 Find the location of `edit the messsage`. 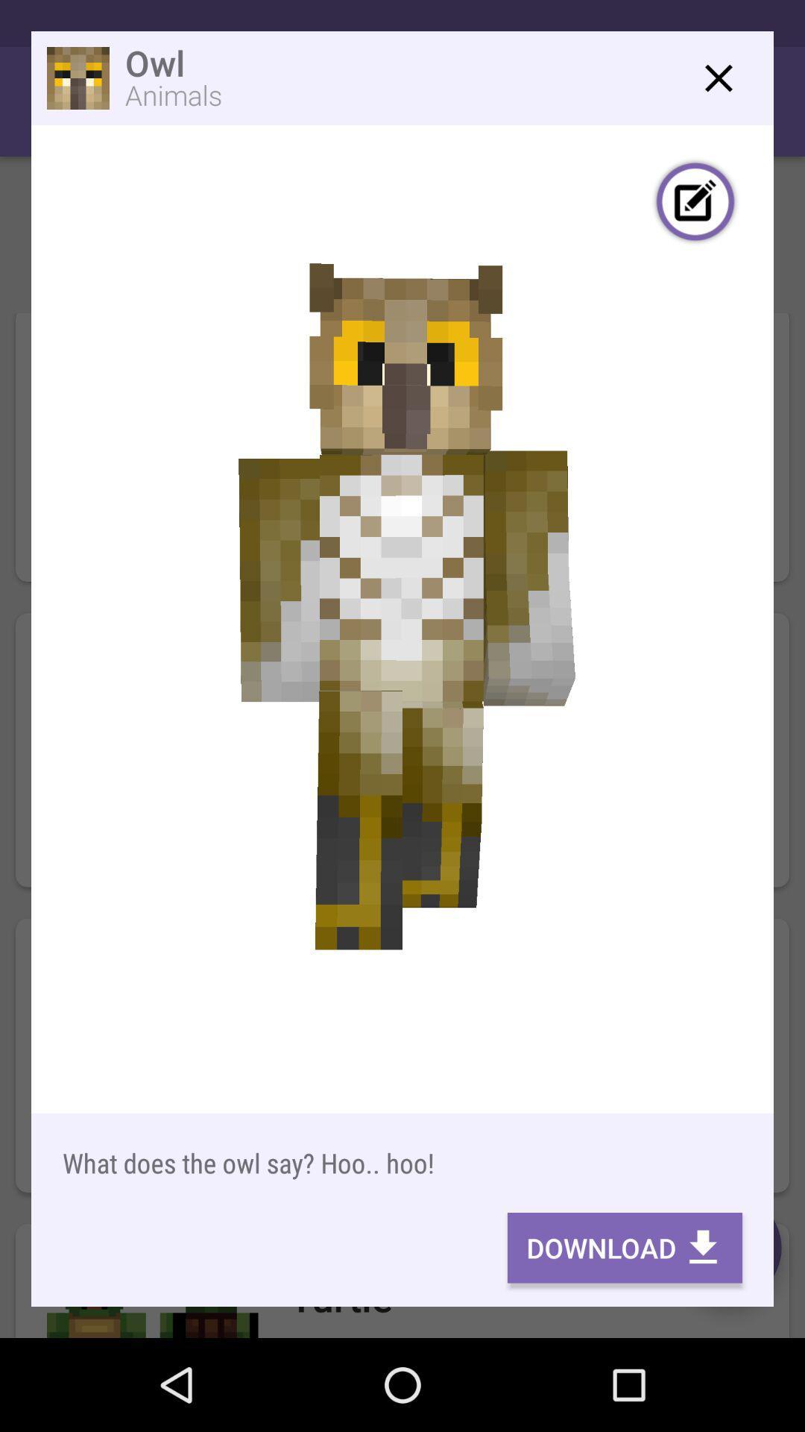

edit the messsage is located at coordinates (695, 203).